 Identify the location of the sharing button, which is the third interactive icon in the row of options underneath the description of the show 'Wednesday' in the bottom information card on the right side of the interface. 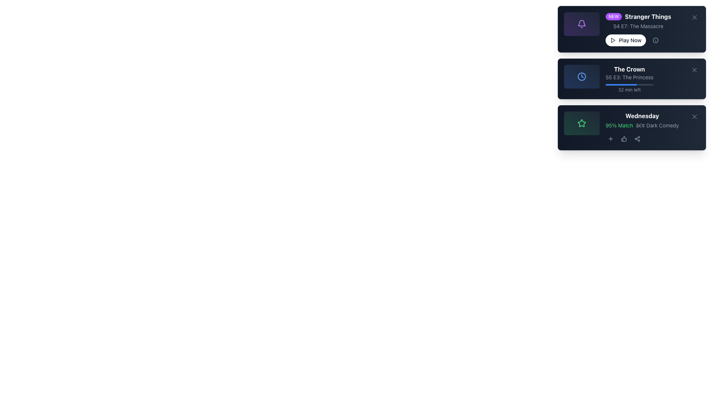
(637, 139).